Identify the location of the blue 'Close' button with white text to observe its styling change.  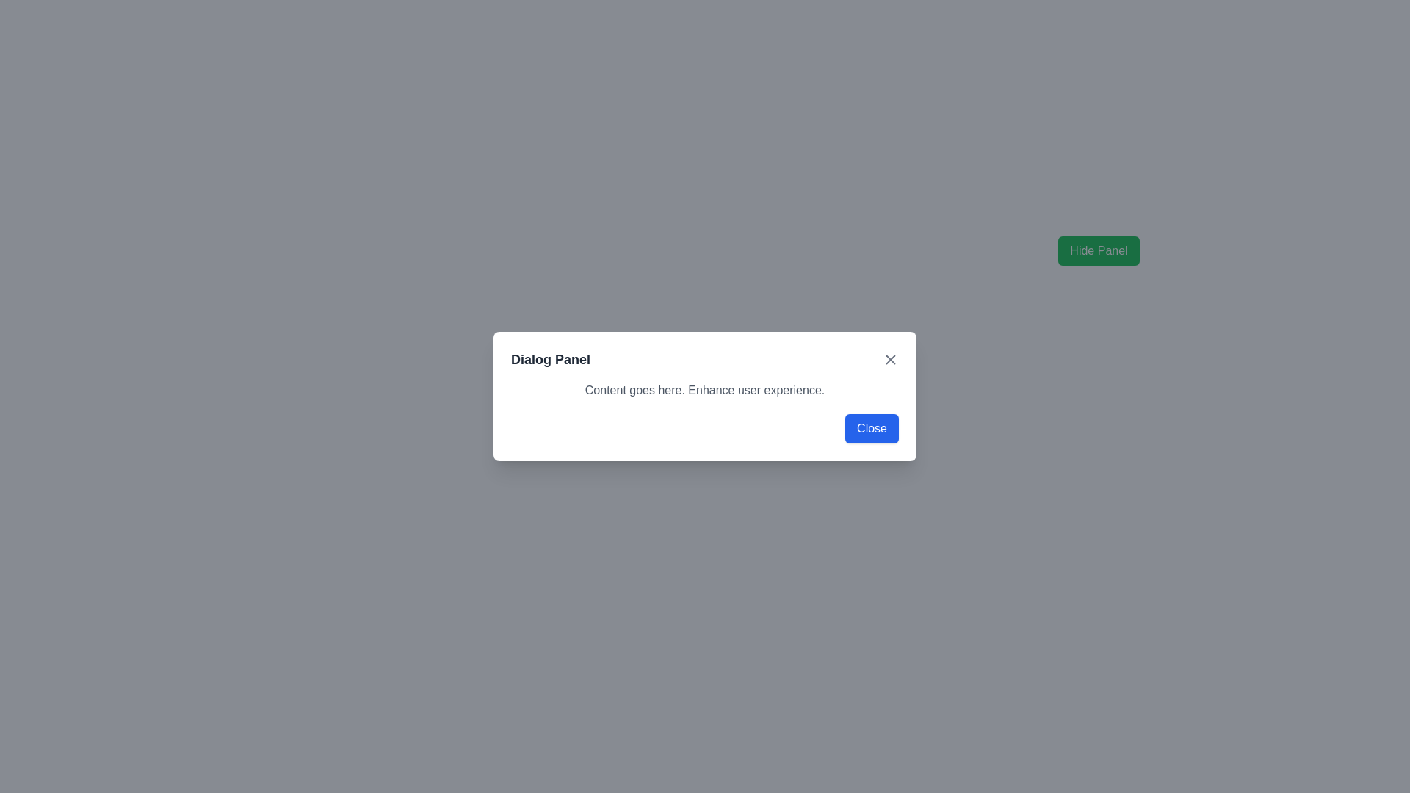
(872, 428).